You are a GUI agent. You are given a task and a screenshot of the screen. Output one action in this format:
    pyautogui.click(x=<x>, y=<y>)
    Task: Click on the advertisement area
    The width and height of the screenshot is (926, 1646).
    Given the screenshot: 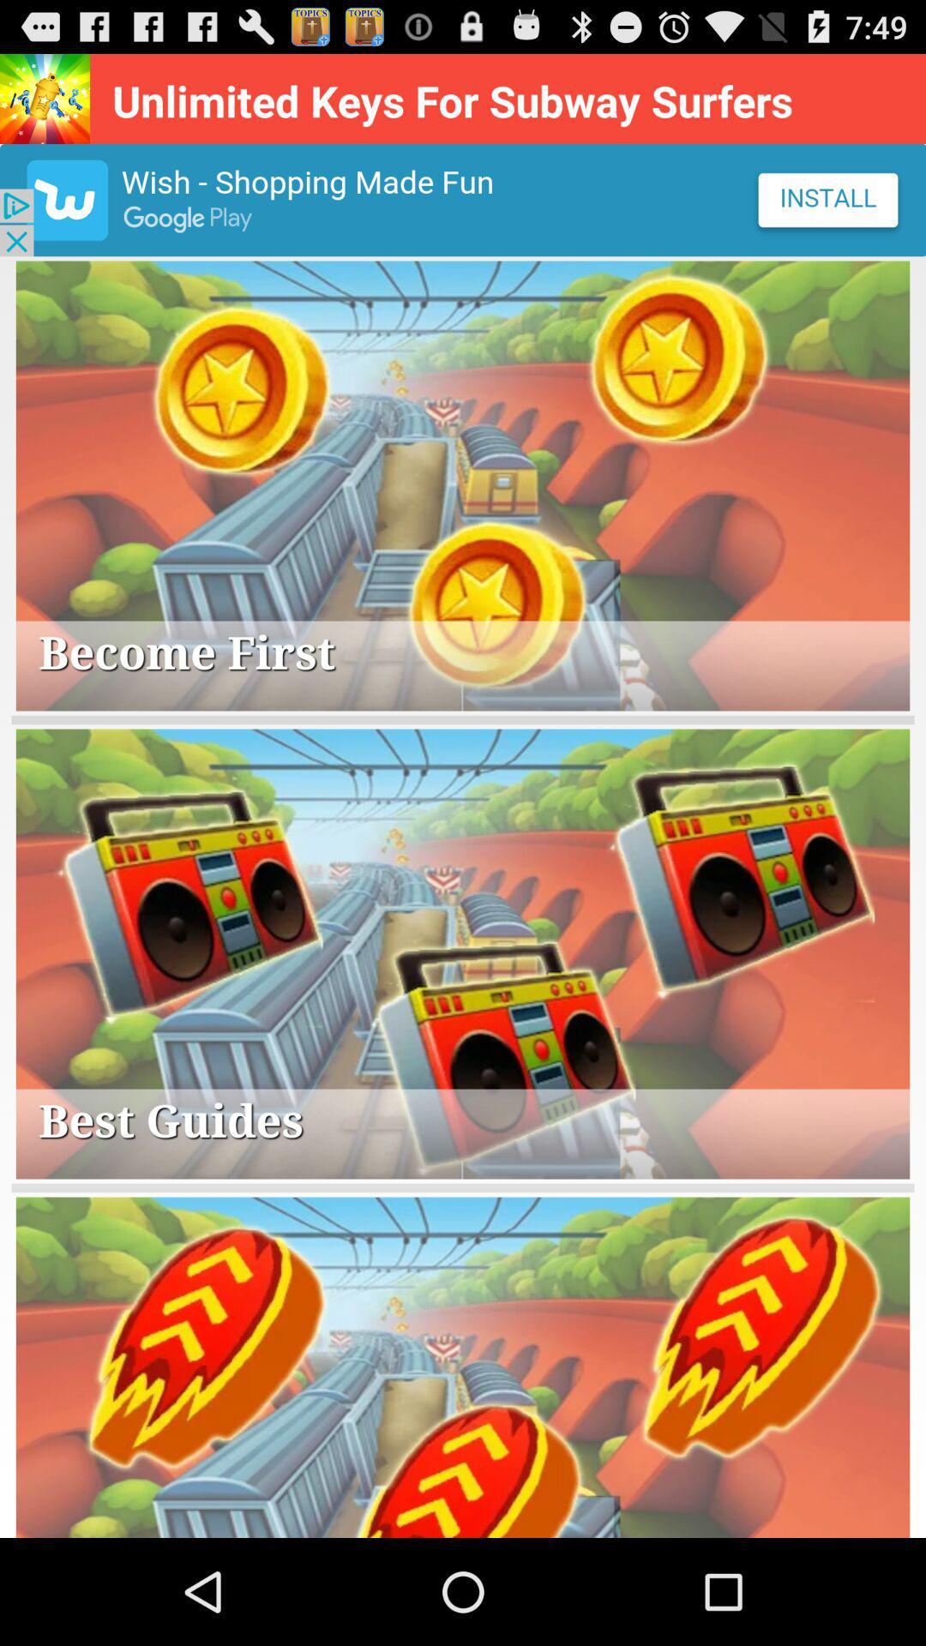 What is the action you would take?
    pyautogui.click(x=463, y=200)
    